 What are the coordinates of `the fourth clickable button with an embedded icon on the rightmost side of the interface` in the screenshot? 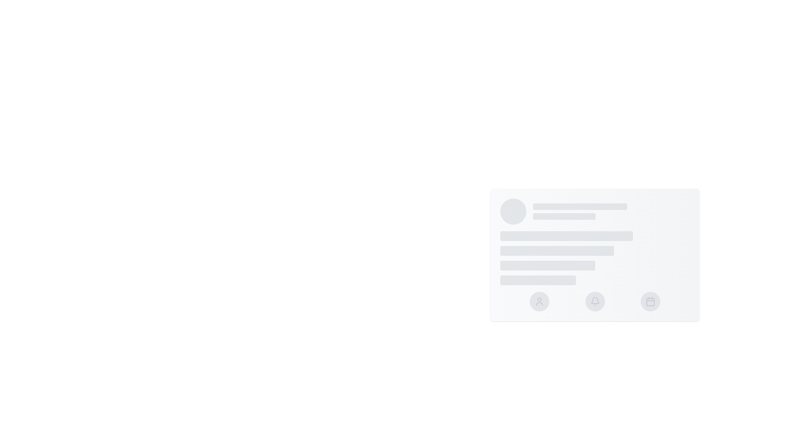 It's located at (650, 301).